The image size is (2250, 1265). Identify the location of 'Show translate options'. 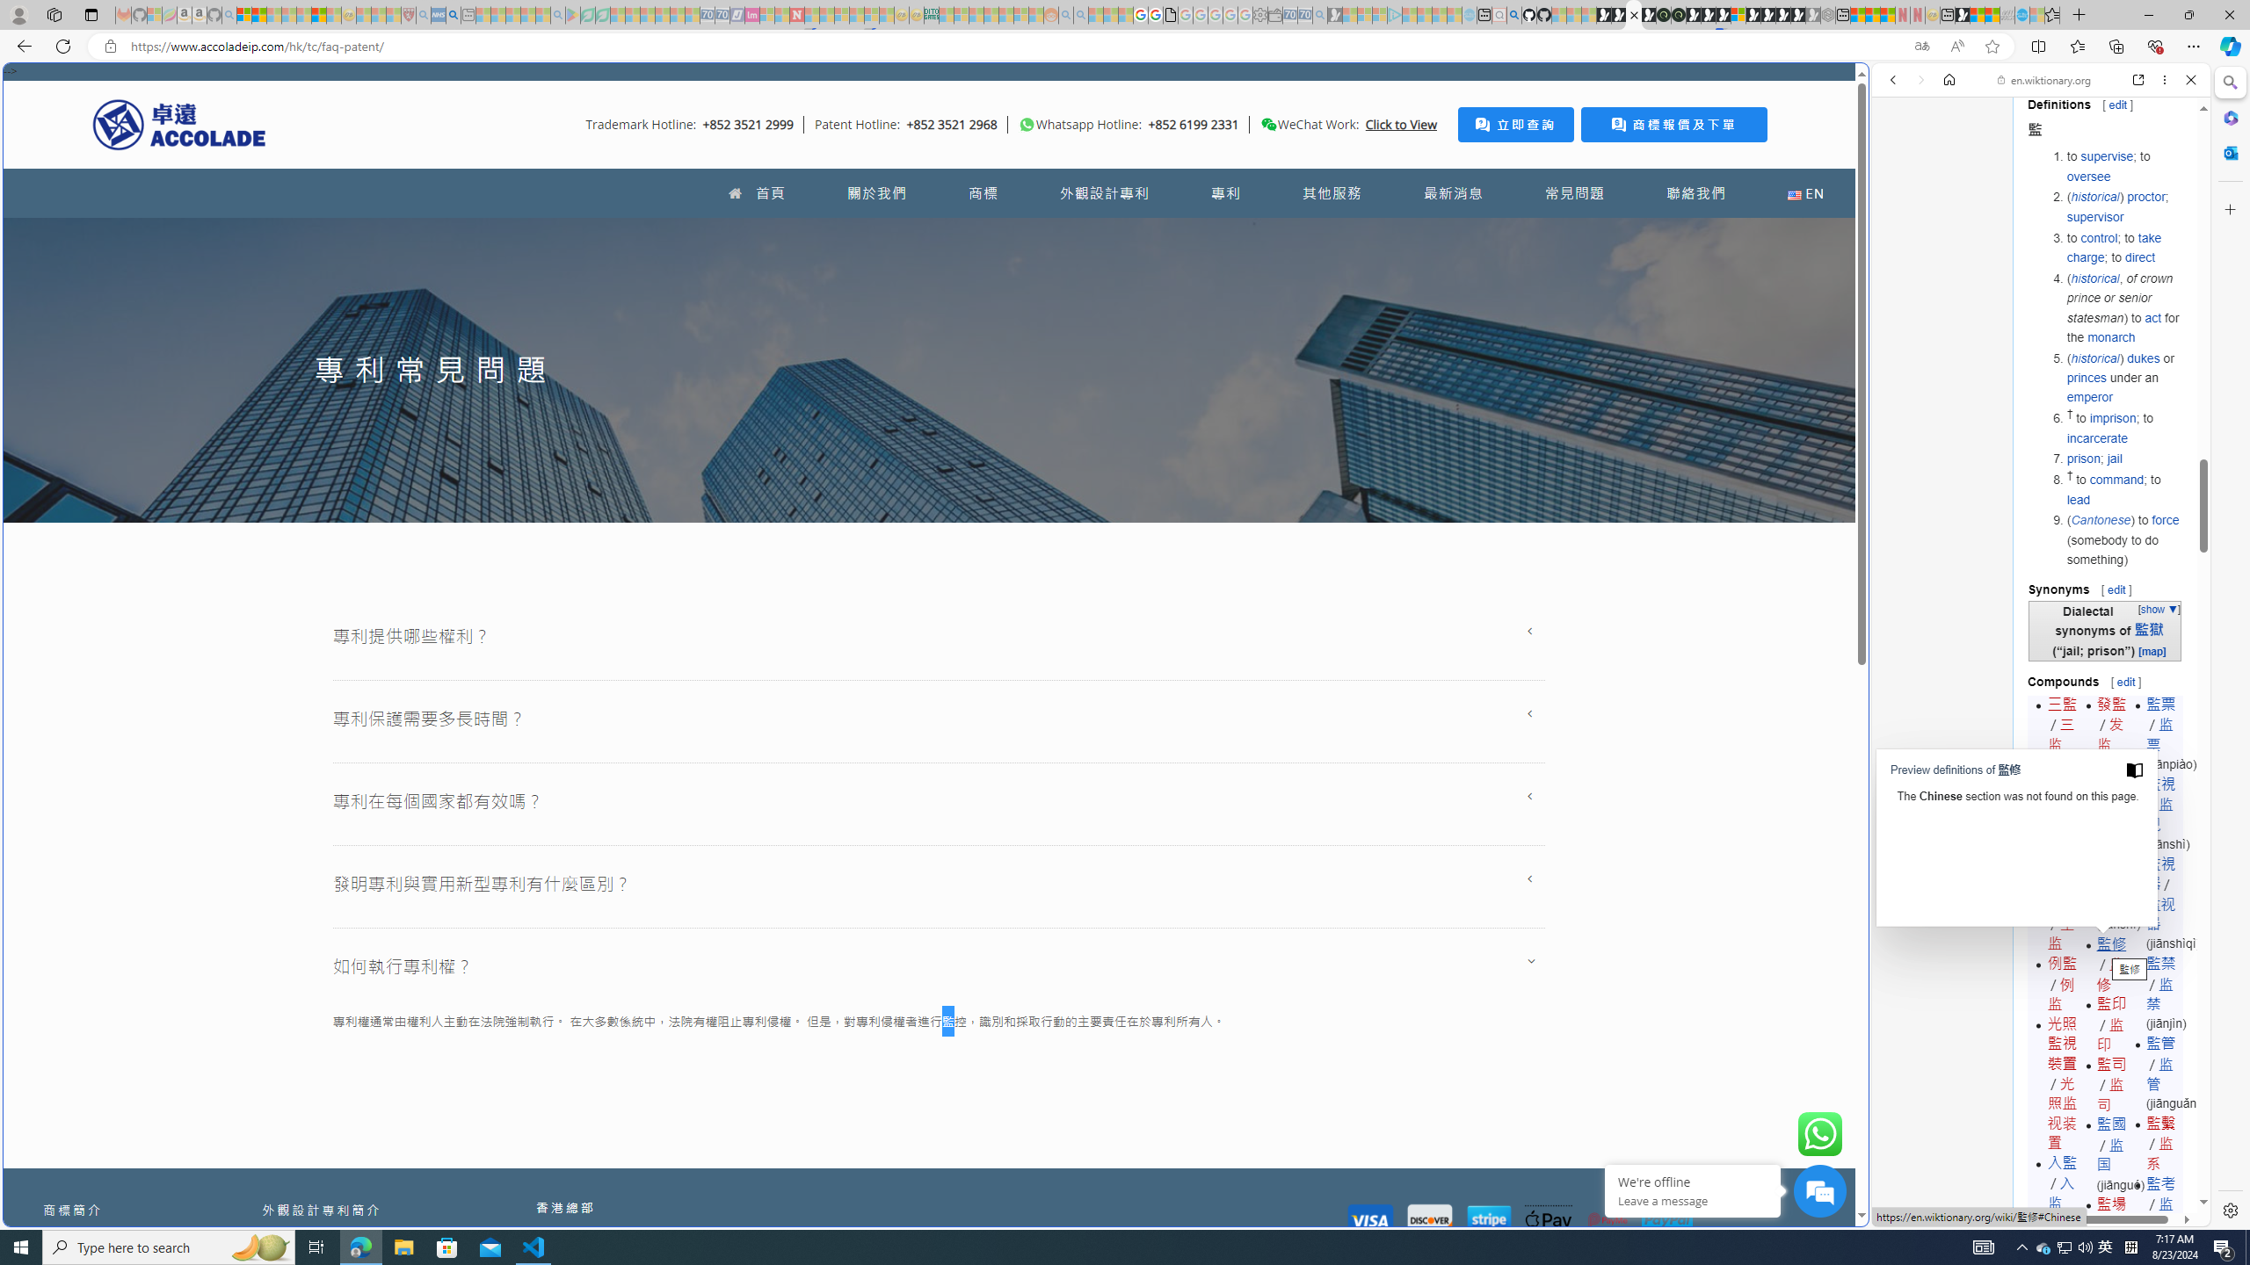
(1920, 47).